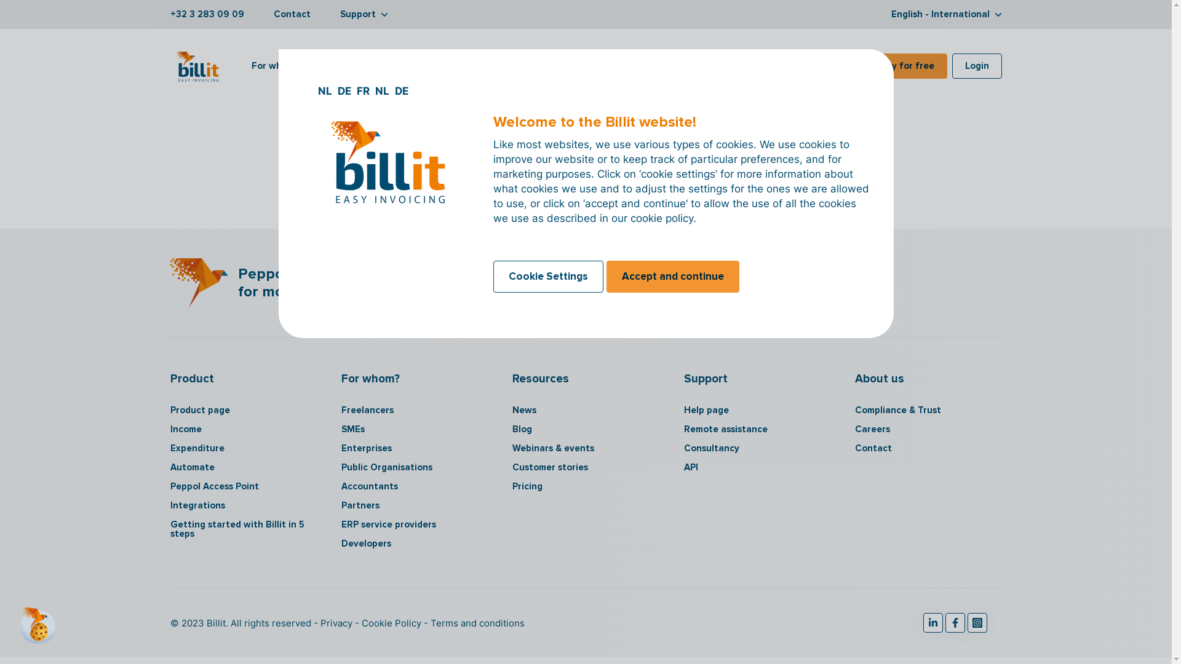  I want to click on 'Freelancers', so click(414, 410).